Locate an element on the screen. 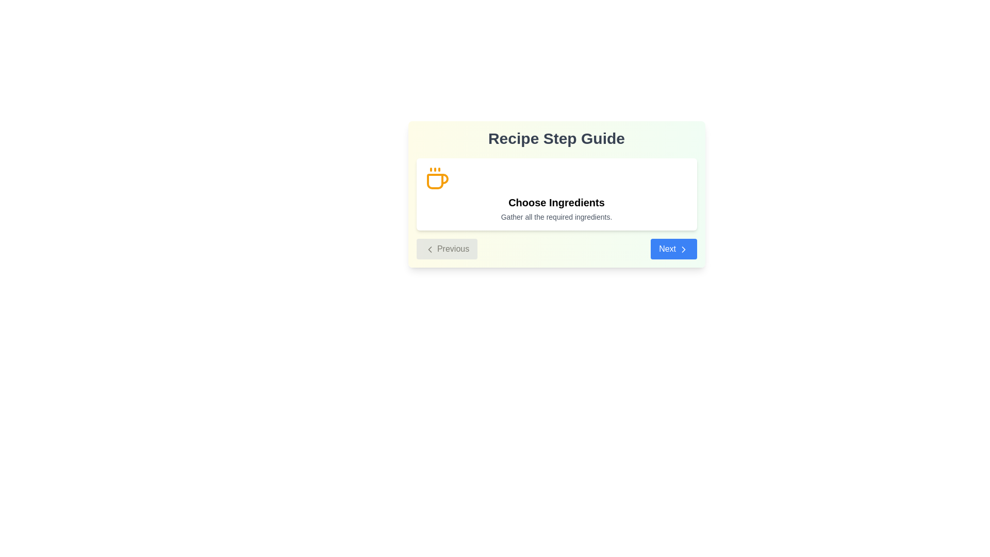  the 'Previous' button, which is a rectangular button with a light gray background and rounded corners, containing the text 'Previous' and a left-pointing chevron icon, located on the left side of the bottom navigation area is located at coordinates (447, 249).